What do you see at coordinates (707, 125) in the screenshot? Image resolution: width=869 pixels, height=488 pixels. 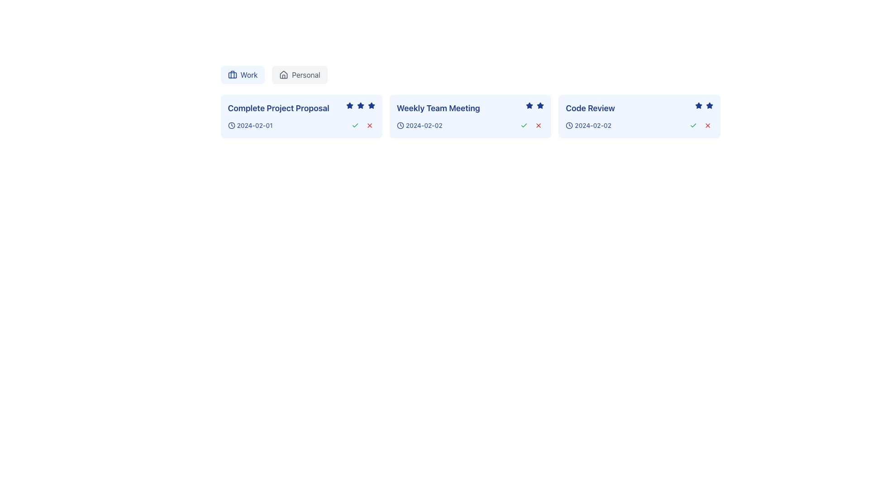 I see `the delete button with an icon located to the right of the green check-mark button in the 'Code Review' card` at bounding box center [707, 125].